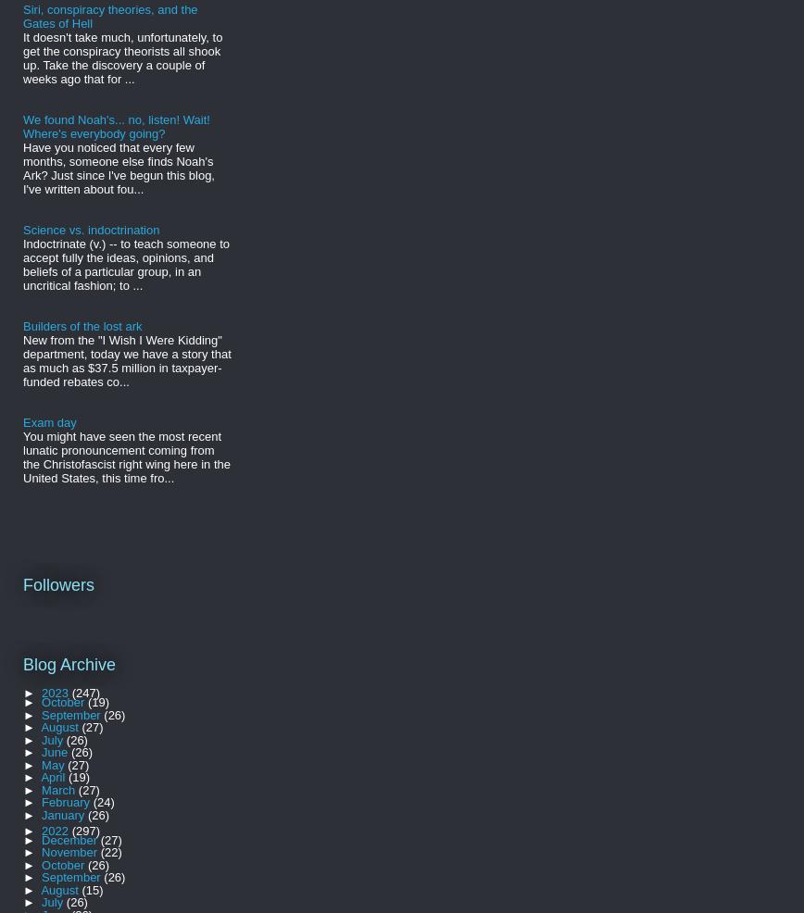 This screenshot has width=804, height=913. I want to click on 'May', so click(55, 763).